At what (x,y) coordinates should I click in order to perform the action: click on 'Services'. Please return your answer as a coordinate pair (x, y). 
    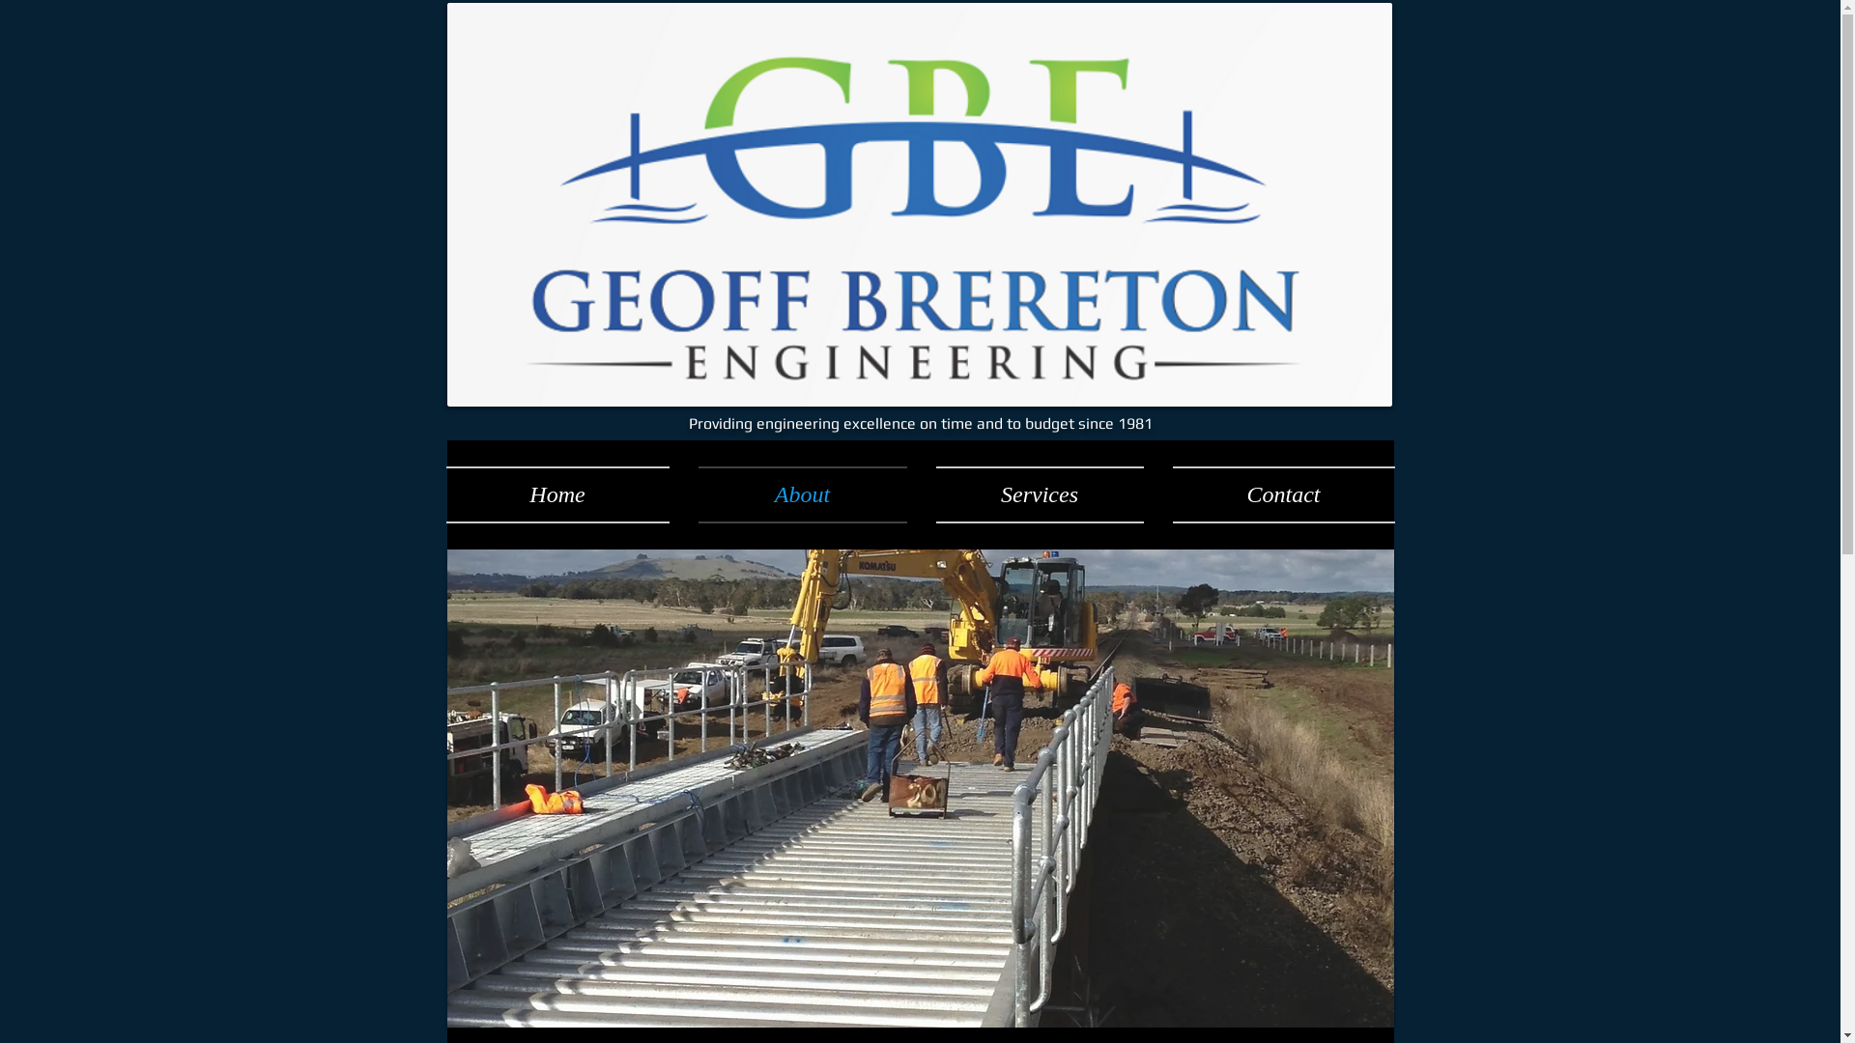
    Looking at the image, I should click on (1039, 493).